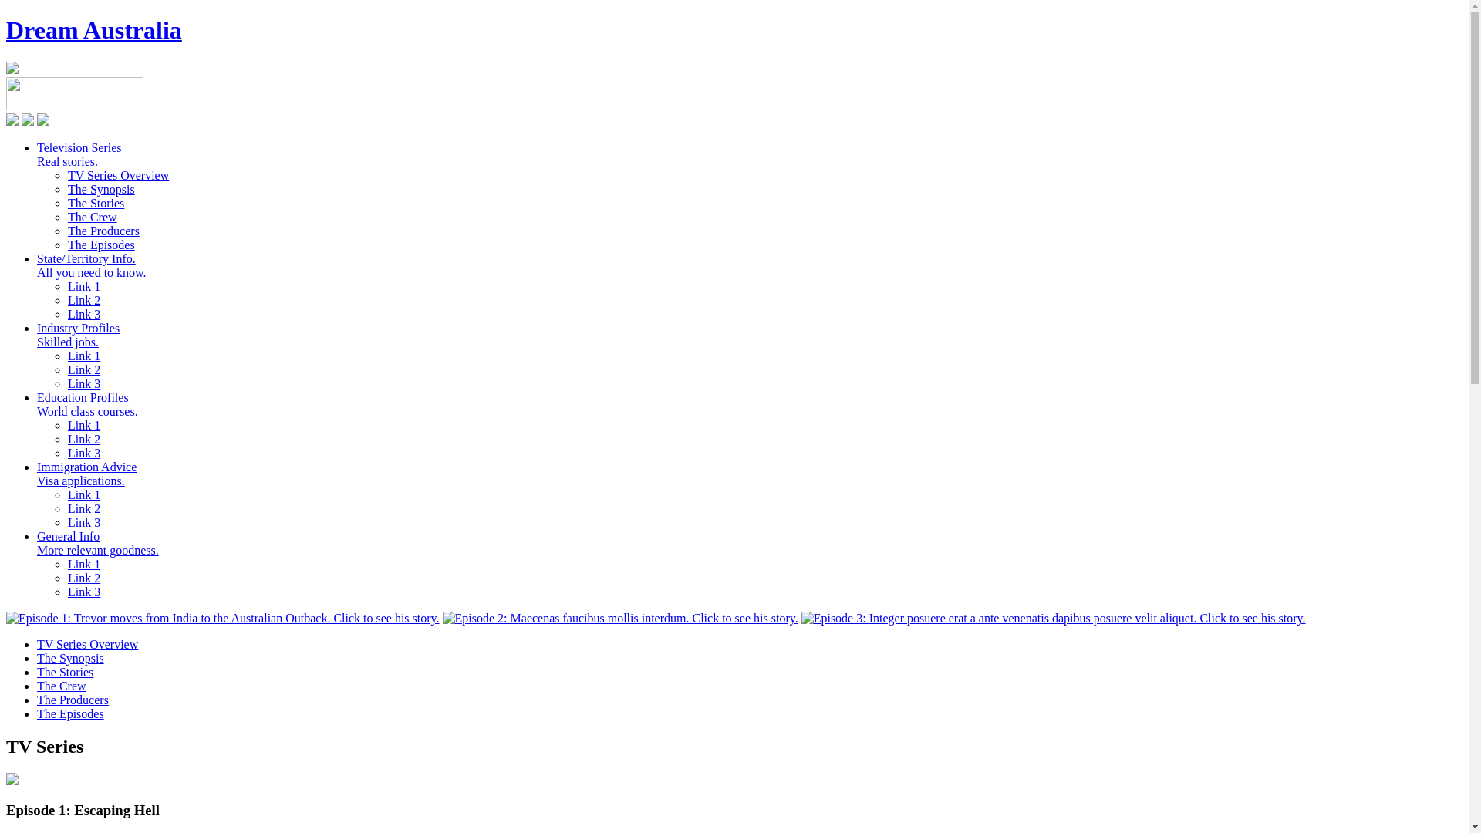  Describe the element at coordinates (83, 564) in the screenshot. I see `'Link 1'` at that location.